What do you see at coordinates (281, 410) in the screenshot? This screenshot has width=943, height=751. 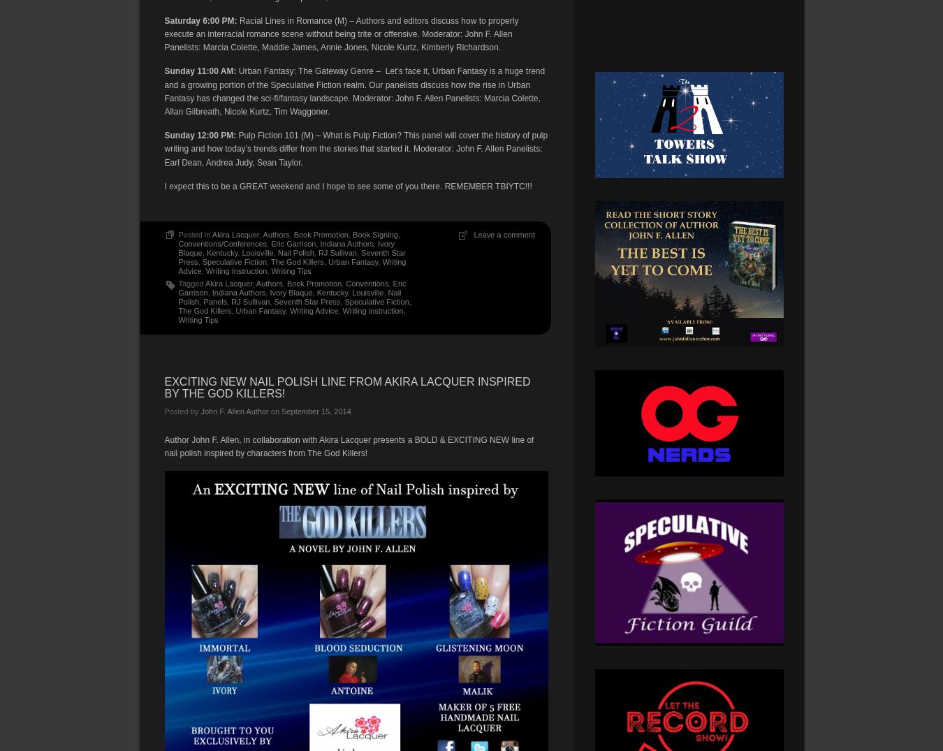 I see `'September 15, 2014'` at bounding box center [281, 410].